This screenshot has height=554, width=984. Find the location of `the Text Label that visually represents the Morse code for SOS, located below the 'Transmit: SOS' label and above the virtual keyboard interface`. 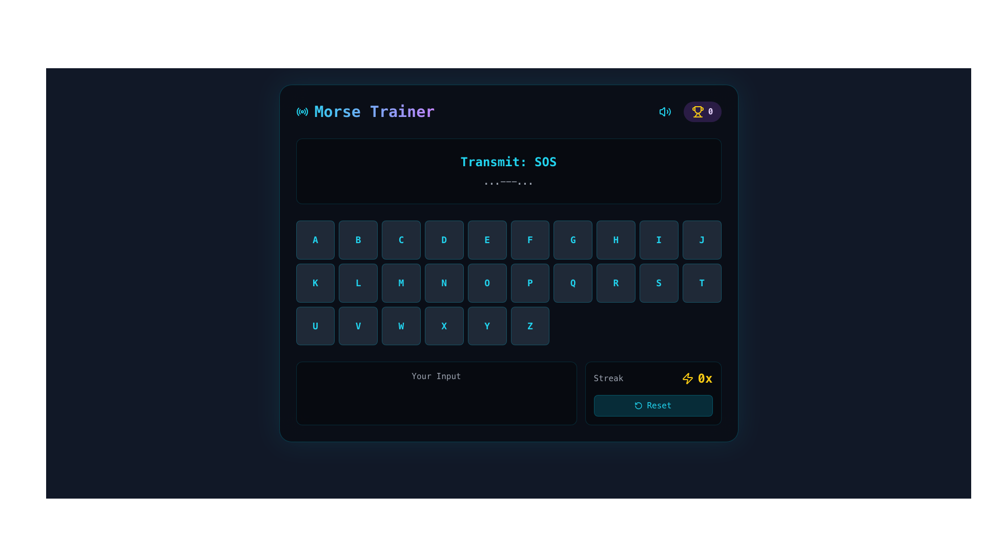

the Text Label that visually represents the Morse code for SOS, located below the 'Transmit: SOS' label and above the virtual keyboard interface is located at coordinates (508, 181).